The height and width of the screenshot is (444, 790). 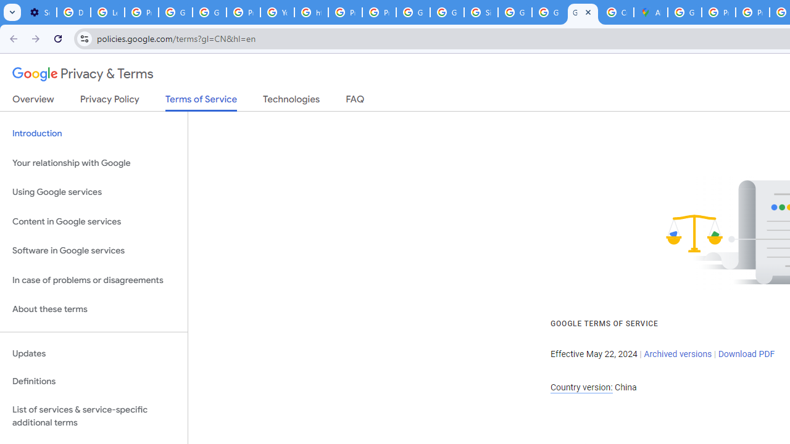 What do you see at coordinates (109, 101) in the screenshot?
I see `'Privacy Policy'` at bounding box center [109, 101].